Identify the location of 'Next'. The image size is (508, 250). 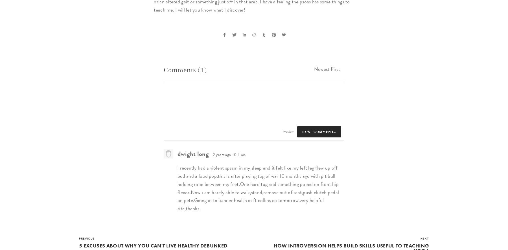
(421, 238).